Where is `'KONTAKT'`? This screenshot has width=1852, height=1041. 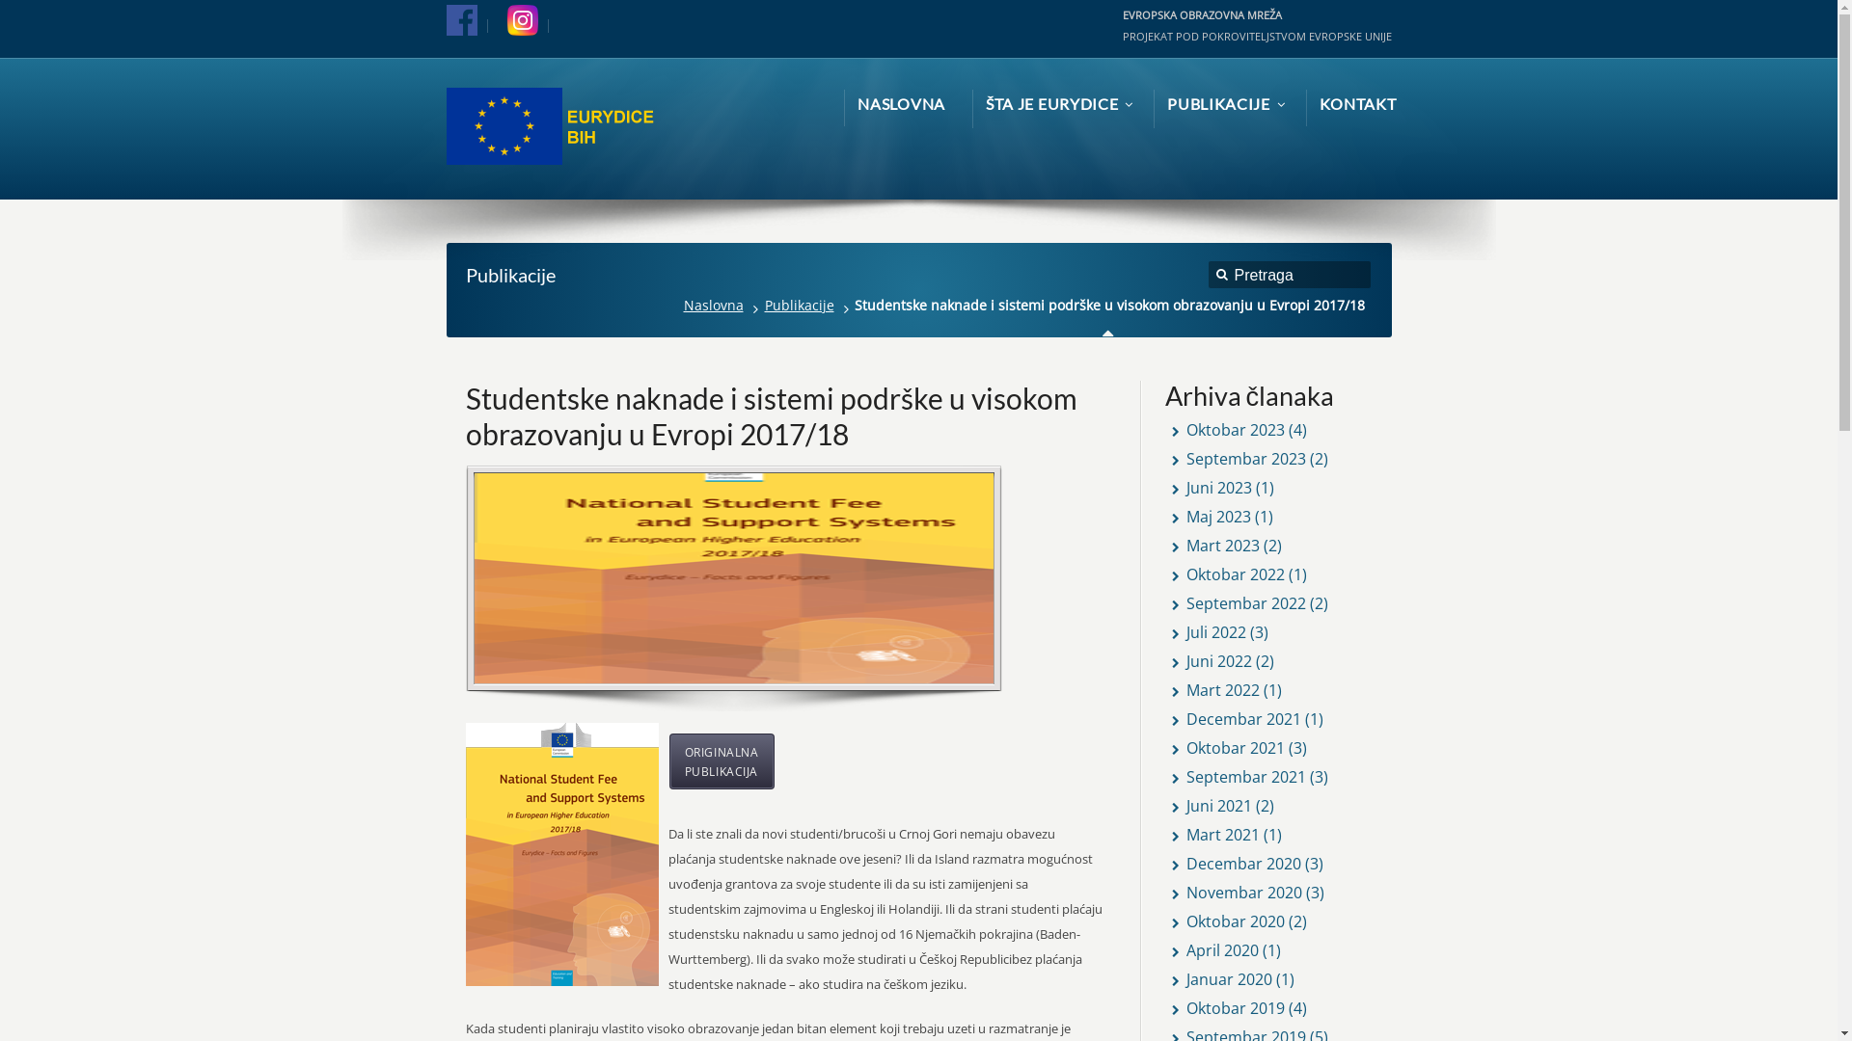 'KONTAKT' is located at coordinates (1356, 104).